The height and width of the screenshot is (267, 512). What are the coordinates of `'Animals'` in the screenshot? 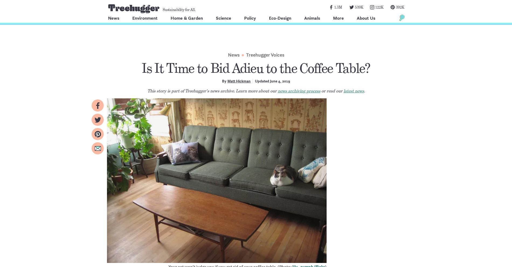 It's located at (312, 18).